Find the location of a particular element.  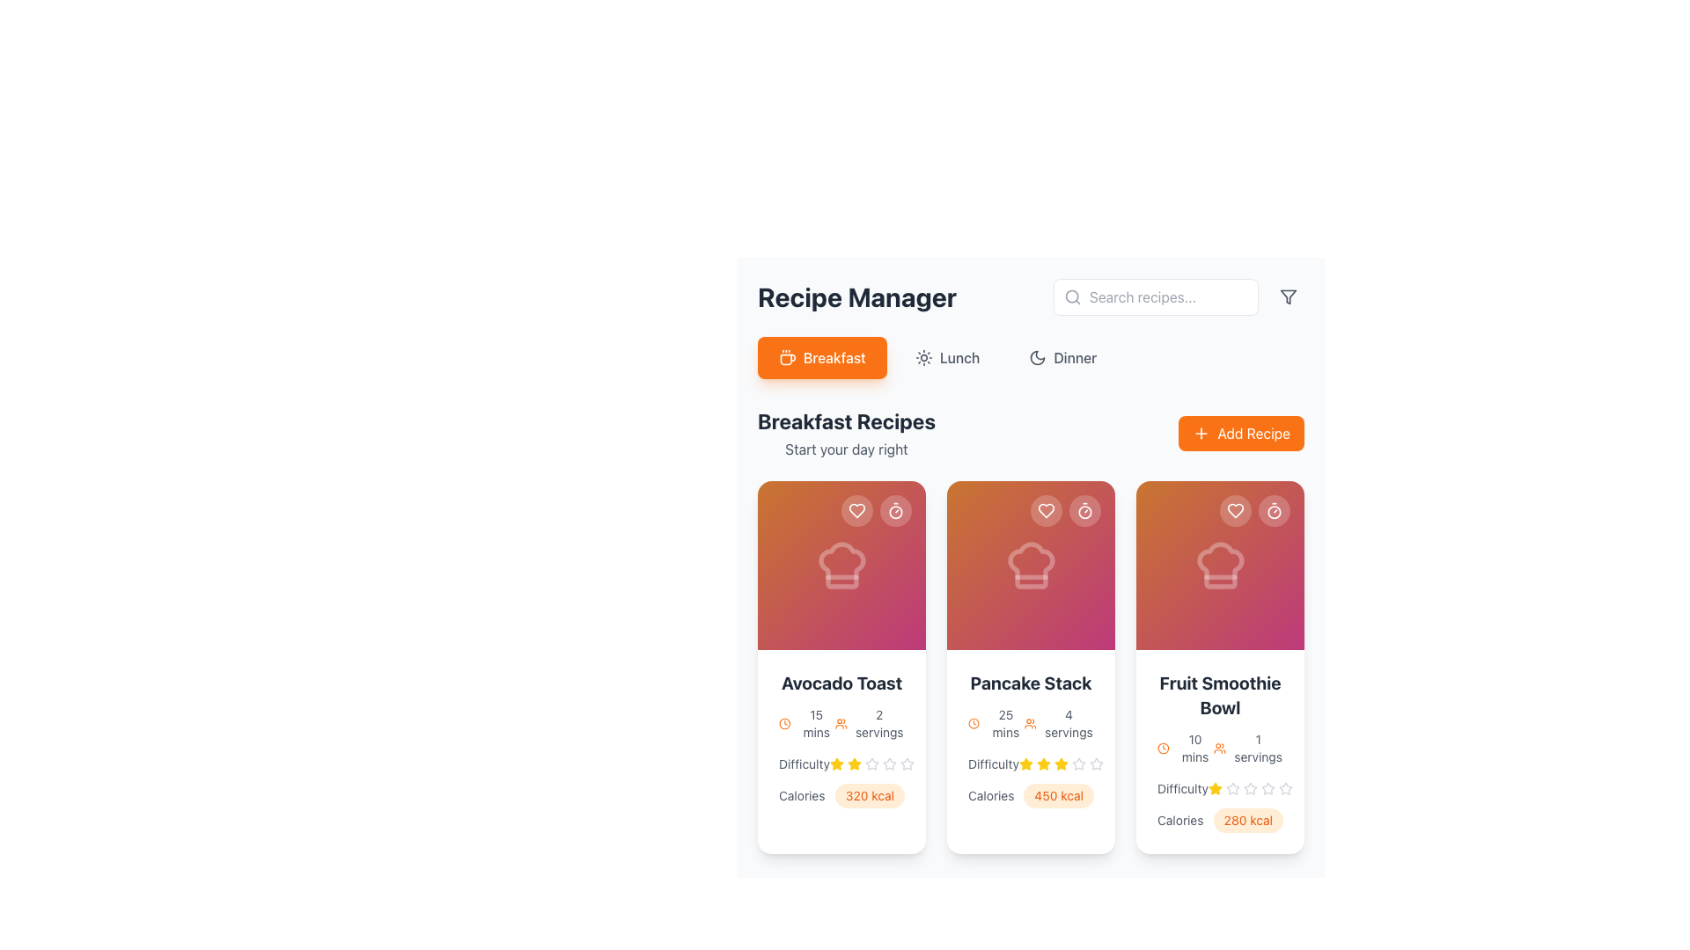

the circular button with a timer icon located in the top-right corner of the second recipe card beneath the 'Breakfast Recipes' section to trigger a visual effect is located at coordinates (1084, 511).